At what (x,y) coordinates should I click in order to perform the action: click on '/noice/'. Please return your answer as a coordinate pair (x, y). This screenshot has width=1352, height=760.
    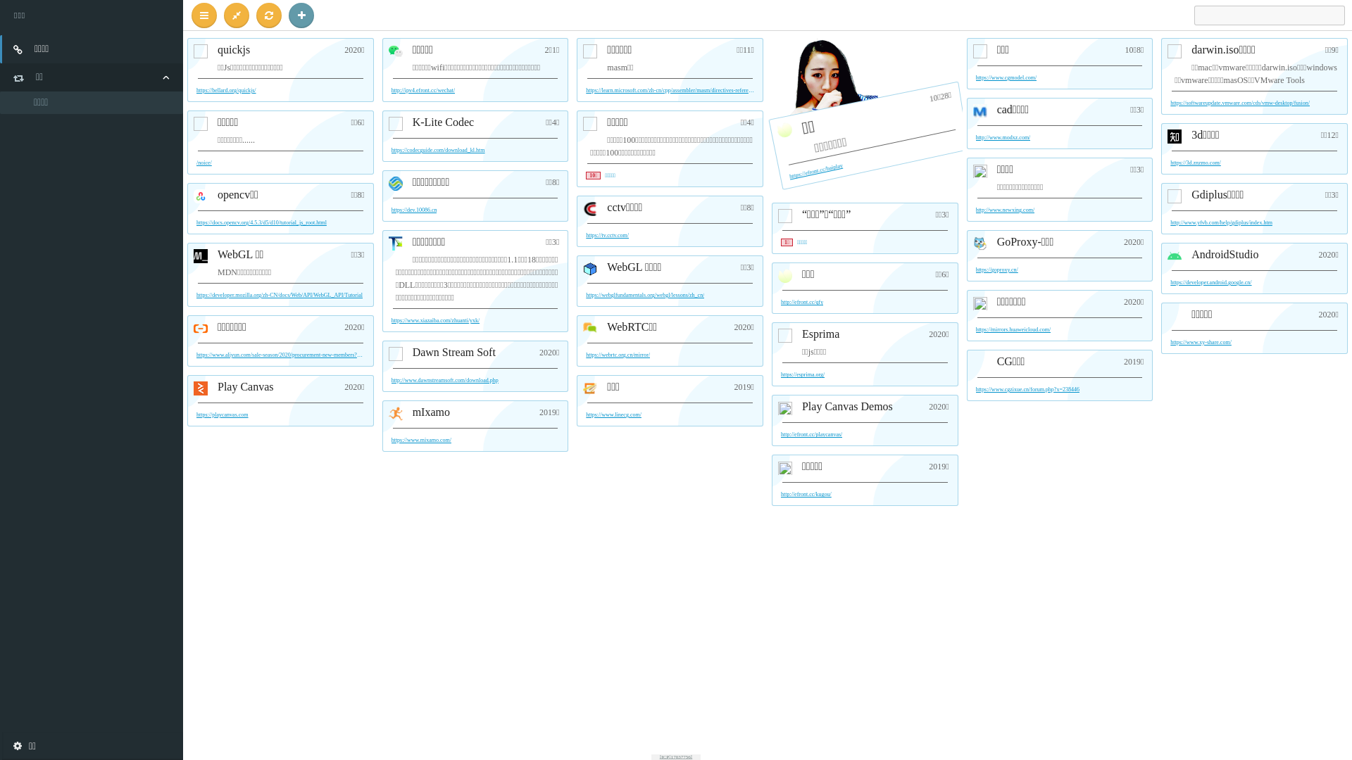
    Looking at the image, I should click on (203, 162).